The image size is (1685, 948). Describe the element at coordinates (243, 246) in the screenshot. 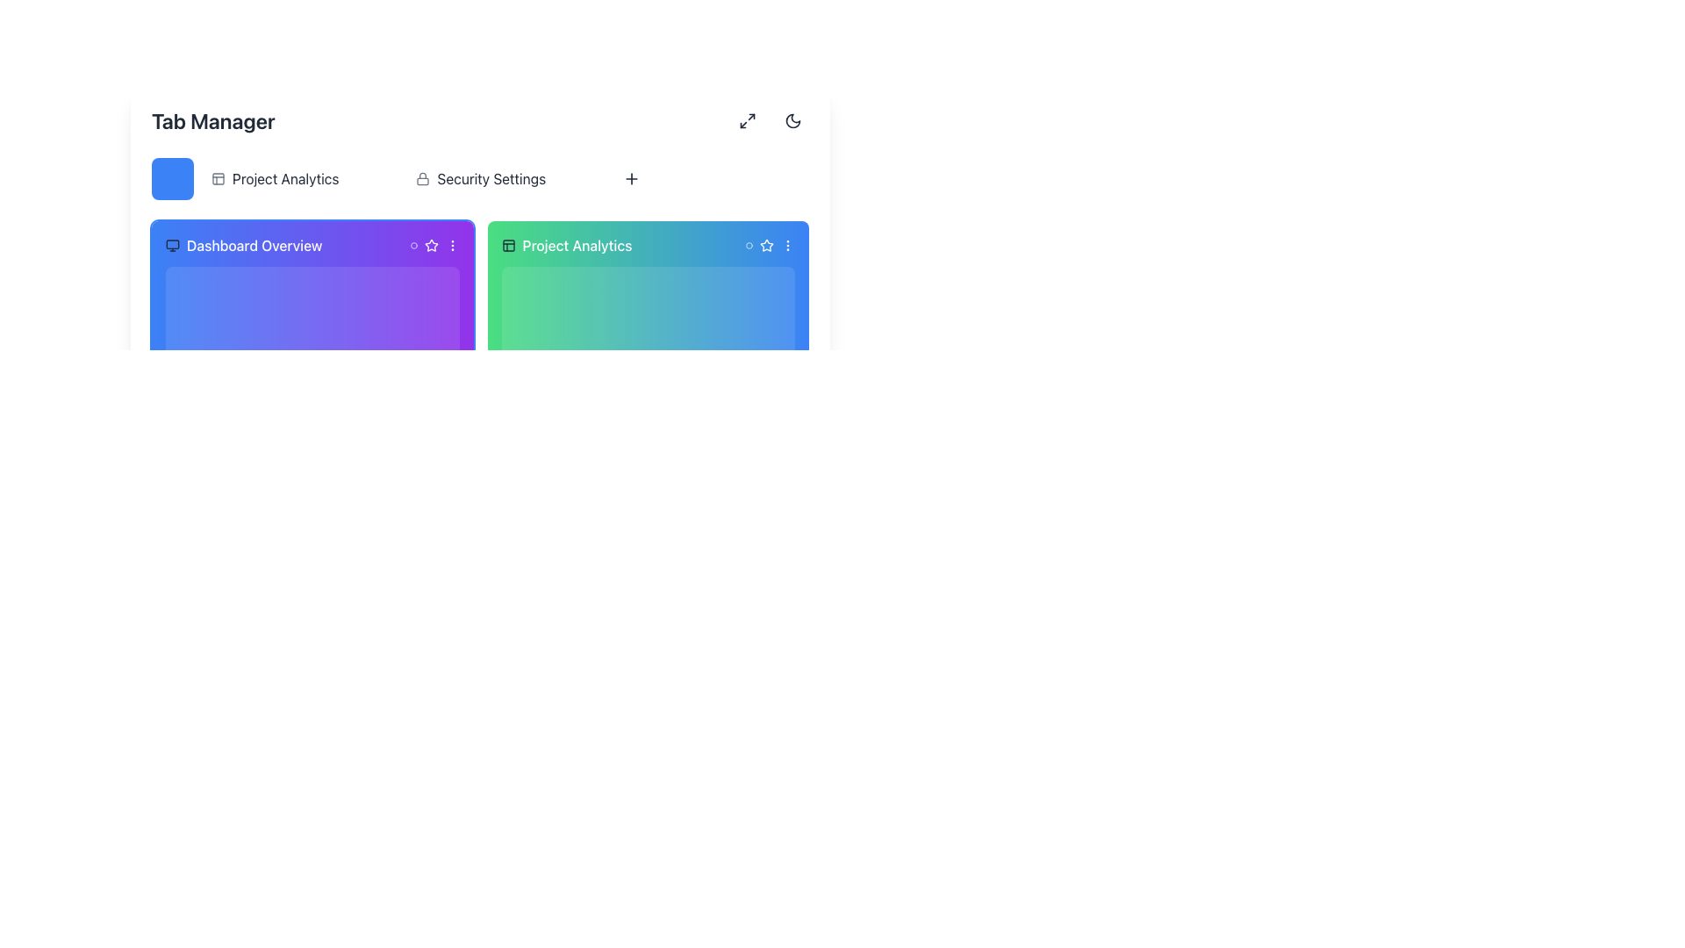

I see `the icon associated with the text label located at the top-left of the first purple card in the grid layout under the 'Tab Manager' section` at that location.